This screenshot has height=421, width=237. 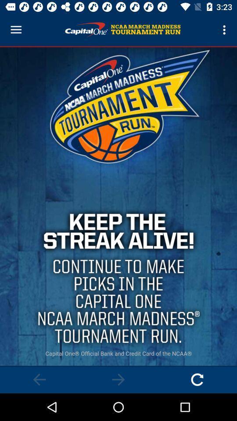 What do you see at coordinates (39, 379) in the screenshot?
I see `aromark` at bounding box center [39, 379].